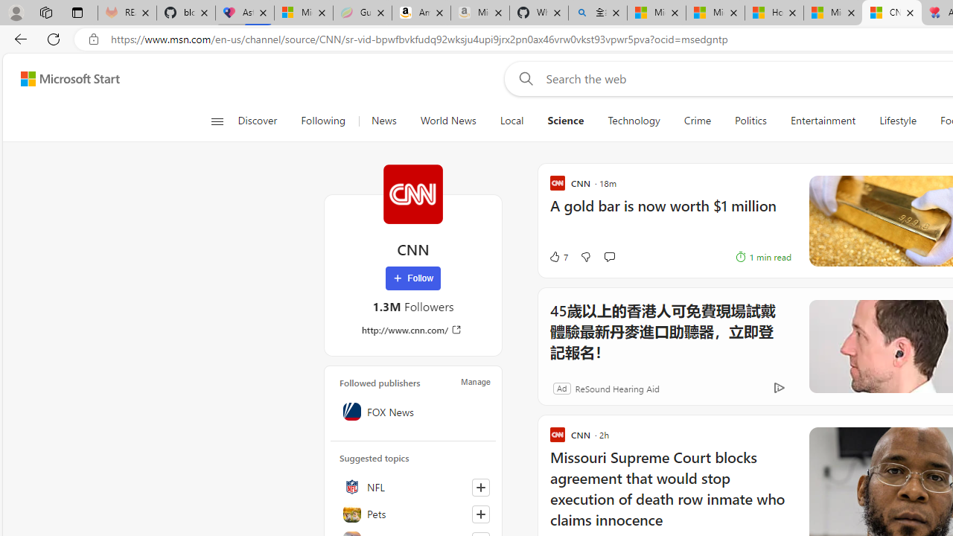 The height and width of the screenshot is (536, 953). I want to click on 'CNN - MSN', so click(891, 13).